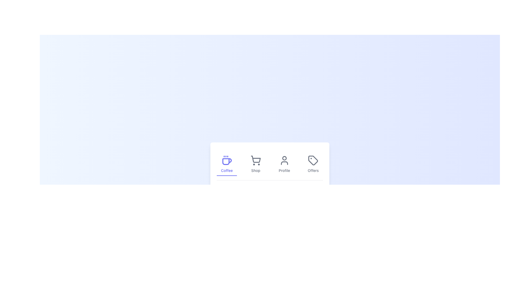 Image resolution: width=510 pixels, height=287 pixels. Describe the element at coordinates (256, 159) in the screenshot. I see `the shopping icon located in the bottom central navigation bar, positioned between the coffee cup icon and the profile icon` at that location.